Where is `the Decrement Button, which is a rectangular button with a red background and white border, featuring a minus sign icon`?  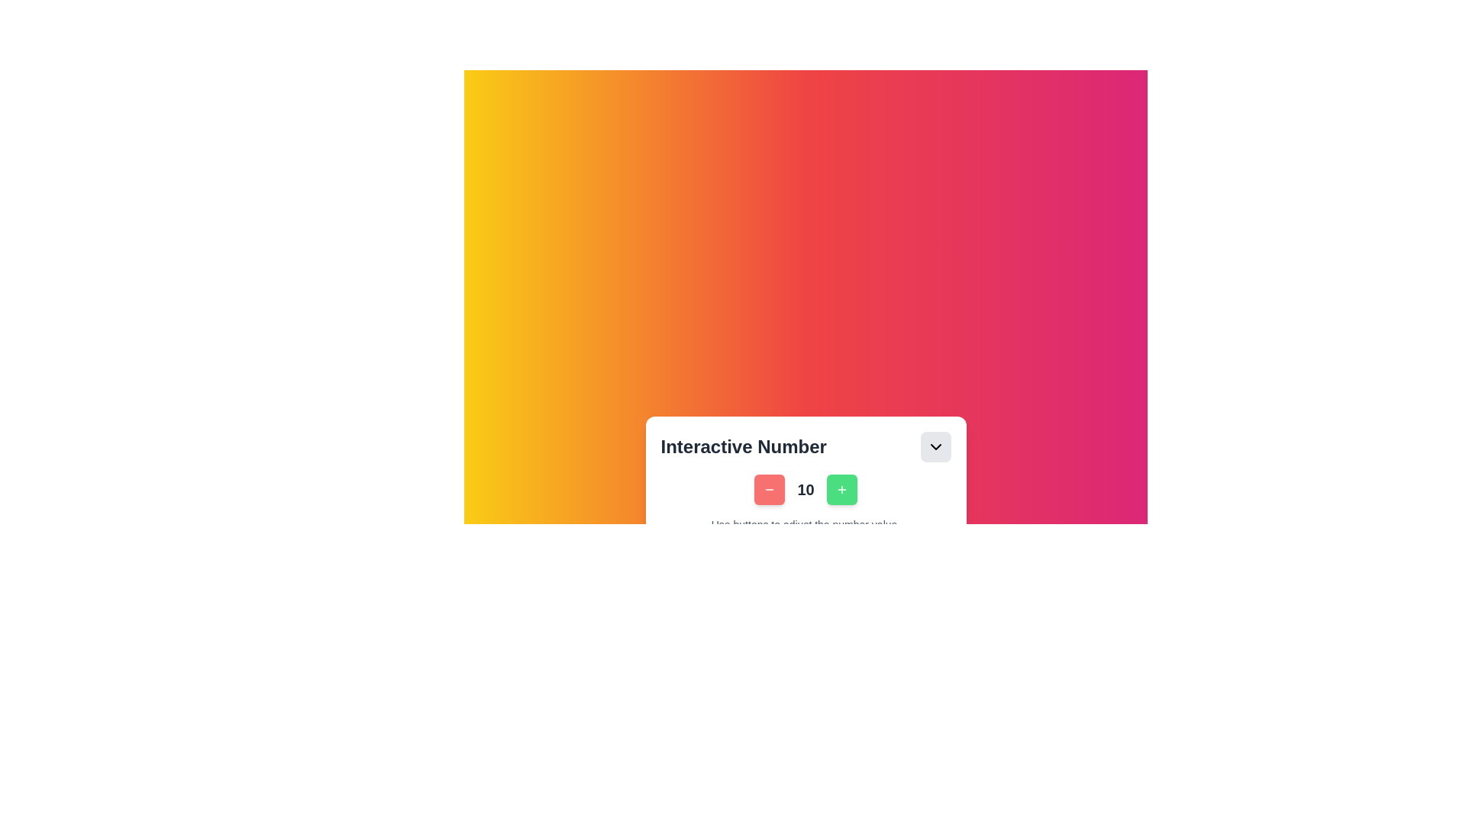
the Decrement Button, which is a rectangular button with a red background and white border, featuring a minus sign icon is located at coordinates (770, 489).